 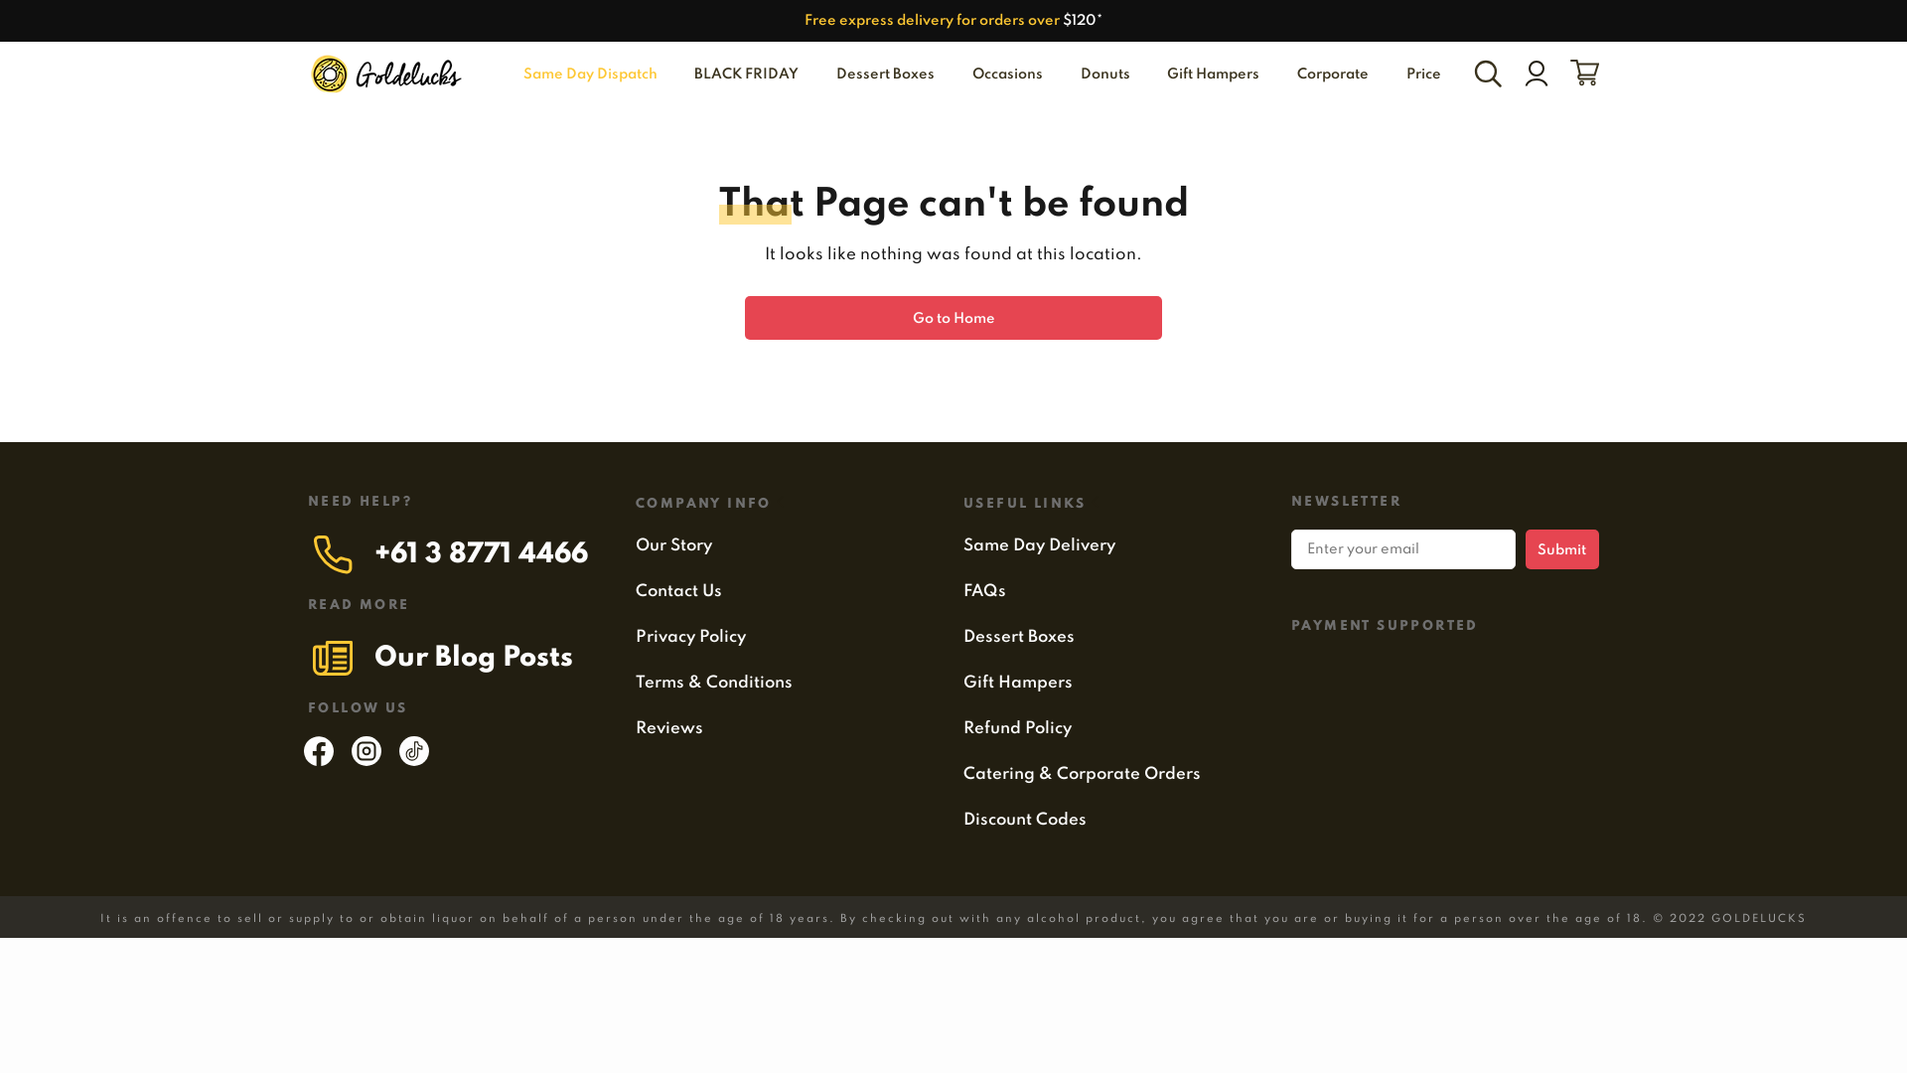 What do you see at coordinates (1333, 74) in the screenshot?
I see `'Corporate'` at bounding box center [1333, 74].